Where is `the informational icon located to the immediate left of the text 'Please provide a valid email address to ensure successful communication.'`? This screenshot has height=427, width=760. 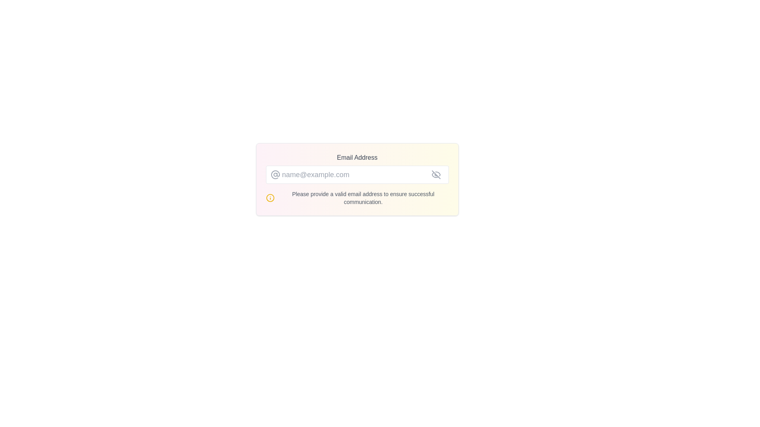
the informational icon located to the immediate left of the text 'Please provide a valid email address to ensure successful communication.' is located at coordinates (270, 198).